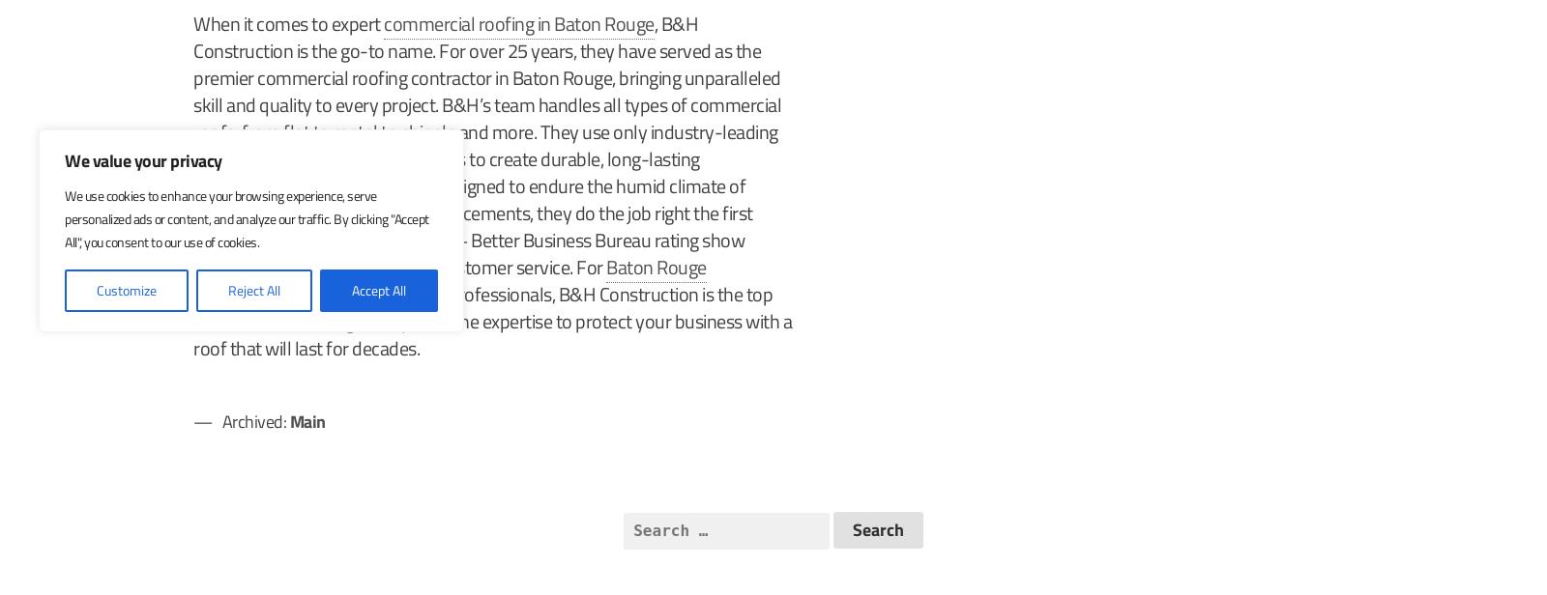 Image resolution: width=1547 pixels, height=595 pixels. Describe the element at coordinates (312, 185) in the screenshot. I see `'commercial roofs Baton Rouge'` at that location.